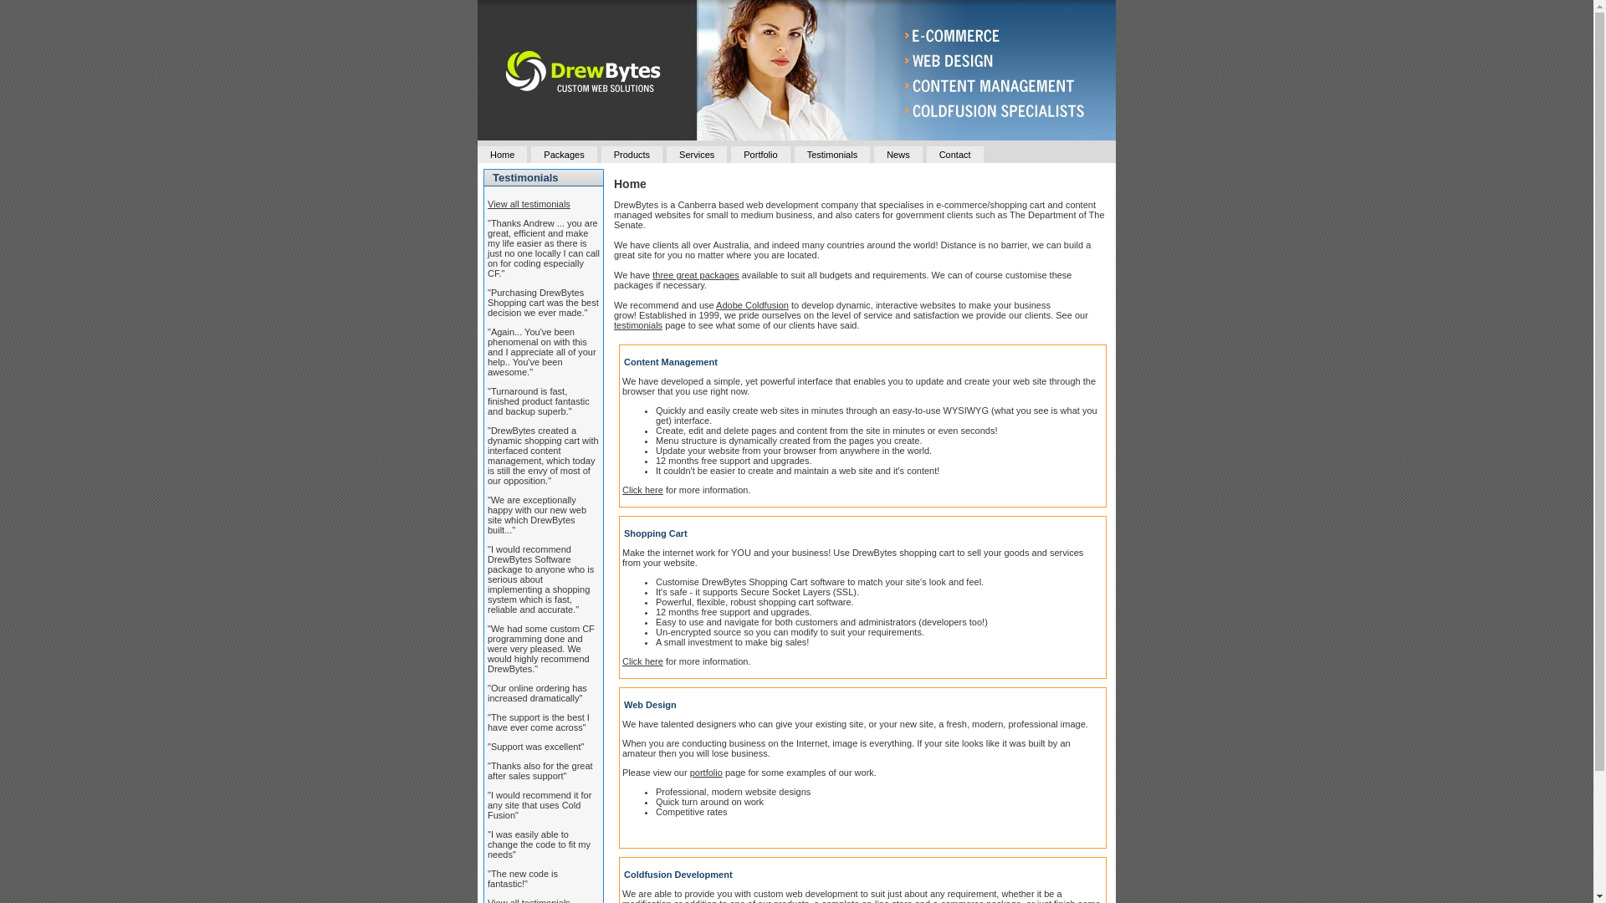  I want to click on 'Products', so click(631, 155).